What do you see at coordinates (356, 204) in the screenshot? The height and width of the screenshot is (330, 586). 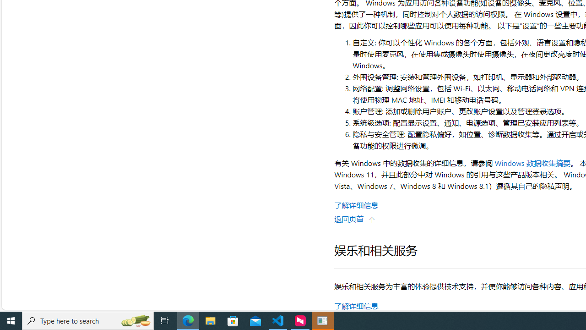 I see `'Learn More about Windows'` at bounding box center [356, 204].